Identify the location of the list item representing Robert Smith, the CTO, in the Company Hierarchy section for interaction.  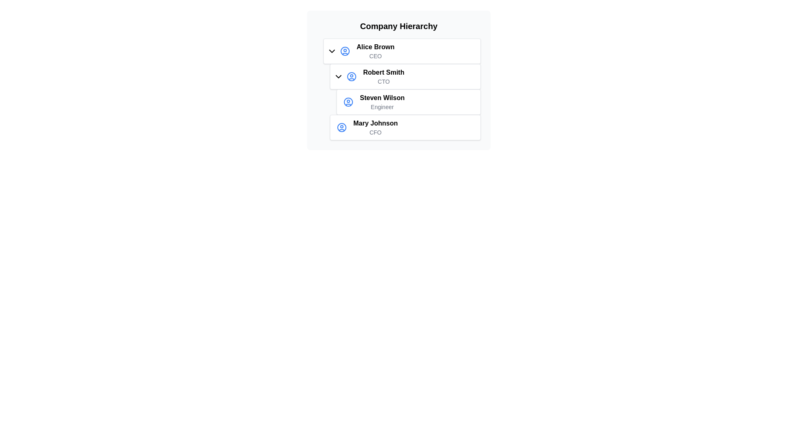
(402, 89).